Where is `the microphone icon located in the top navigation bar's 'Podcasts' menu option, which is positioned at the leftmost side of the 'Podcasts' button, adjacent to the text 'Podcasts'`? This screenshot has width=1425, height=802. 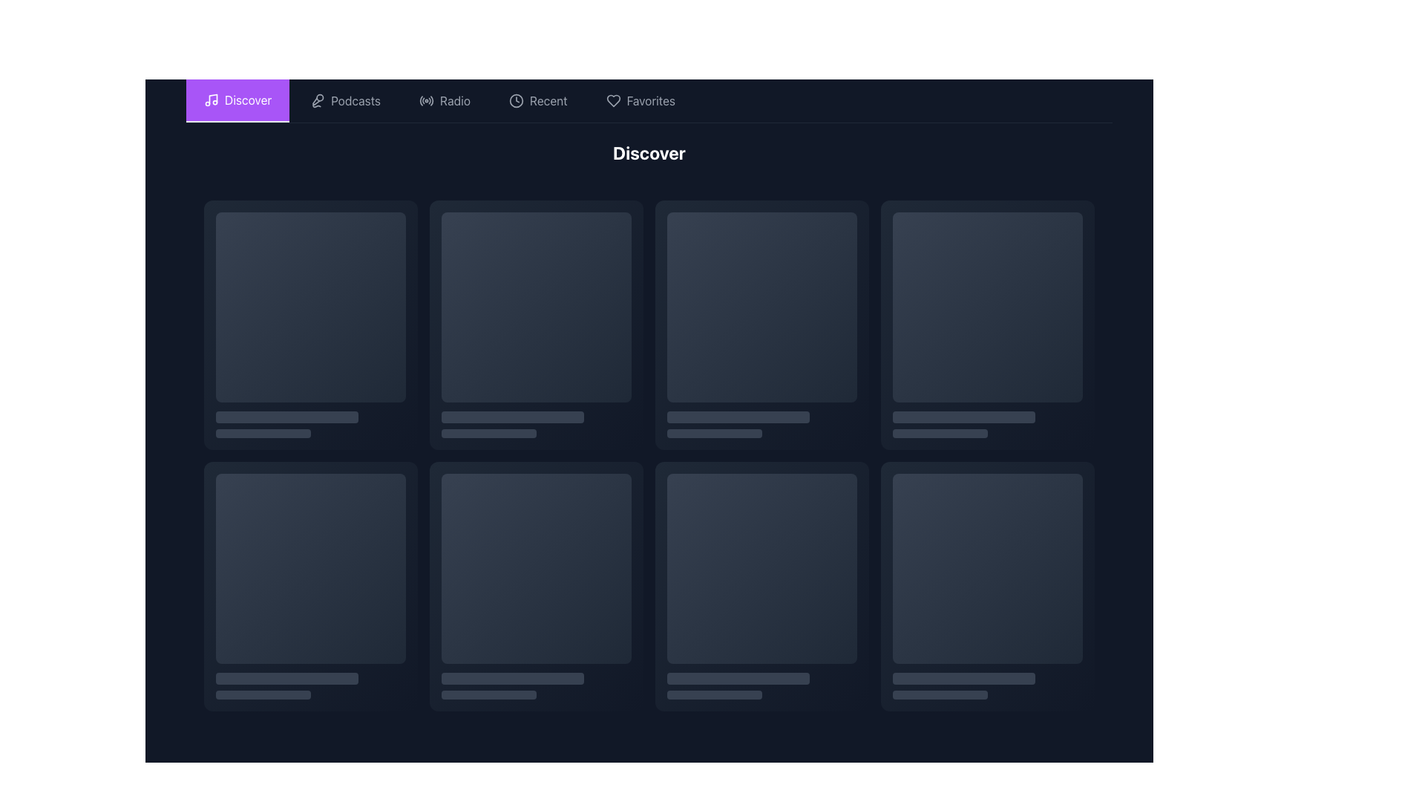
the microphone icon located in the top navigation bar's 'Podcasts' menu option, which is positioned at the leftmost side of the 'Podcasts' button, adjacent to the text 'Podcasts' is located at coordinates (317, 100).